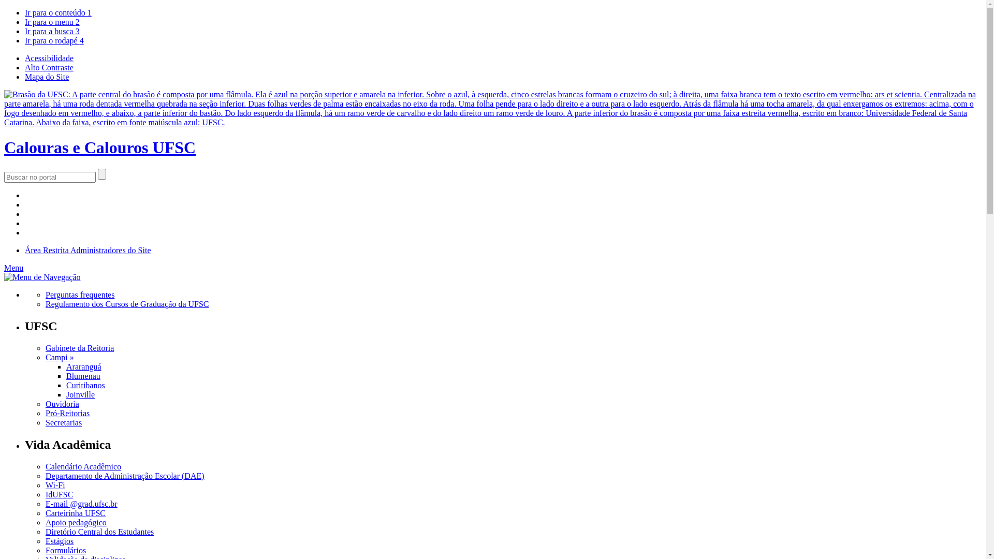 The height and width of the screenshot is (559, 994). What do you see at coordinates (63, 422) in the screenshot?
I see `'Secretarias'` at bounding box center [63, 422].